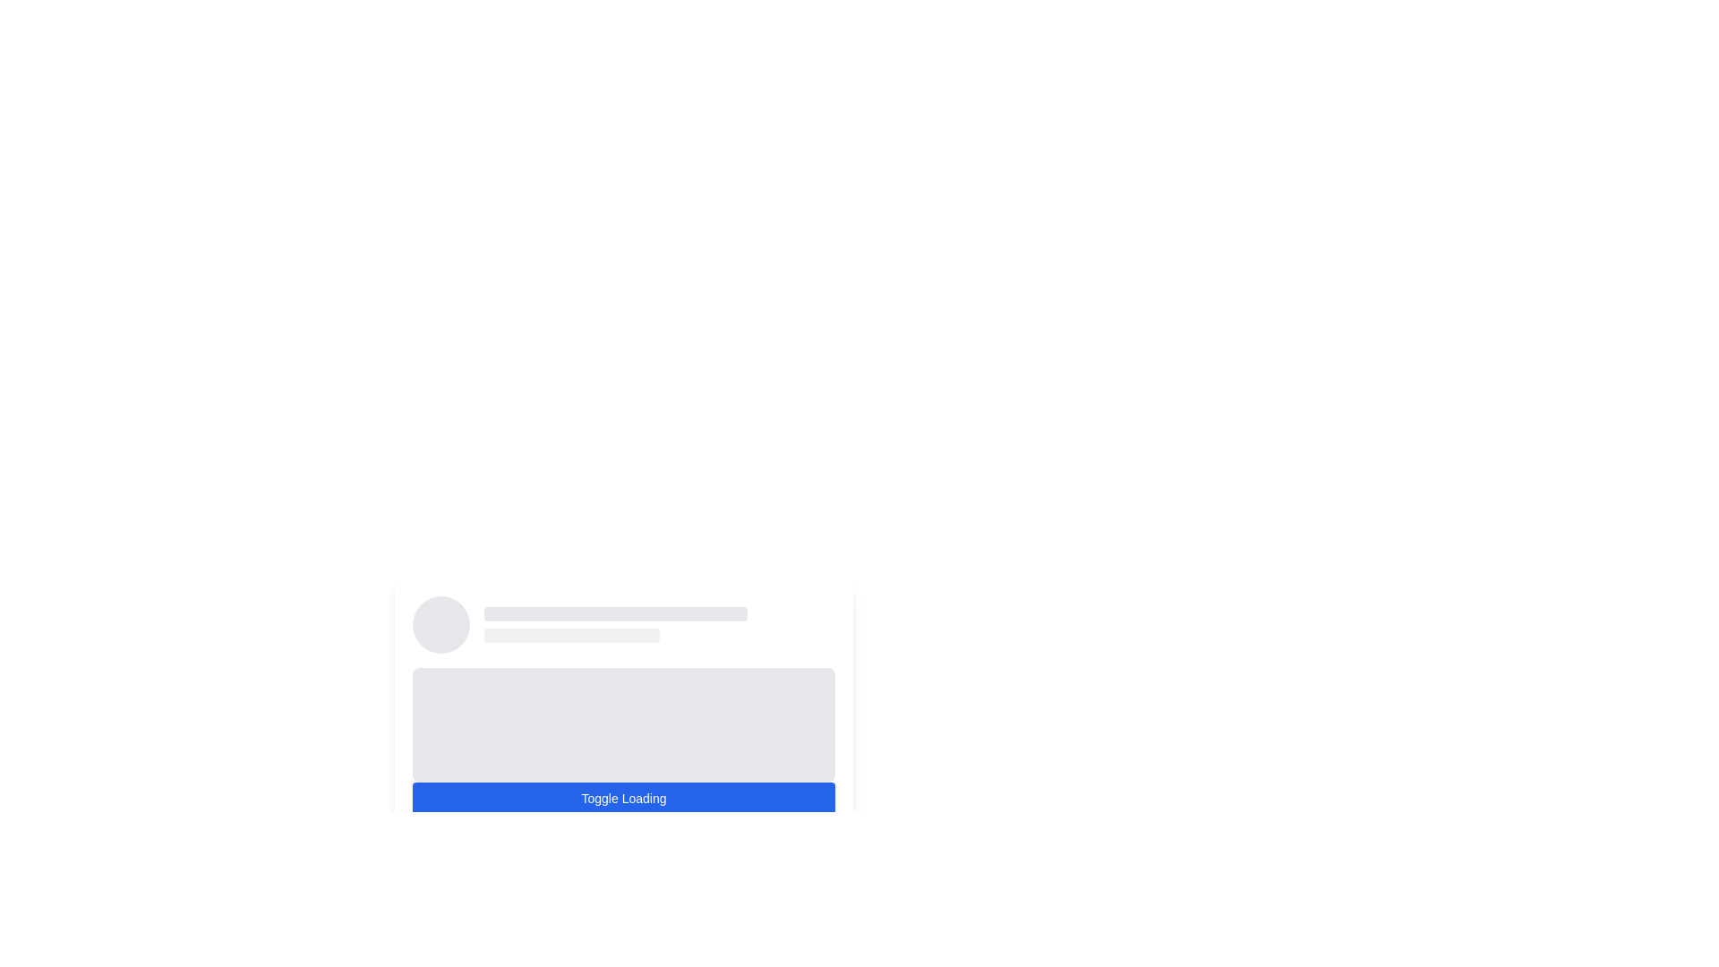 Image resolution: width=1719 pixels, height=967 pixels. Describe the element at coordinates (570, 634) in the screenshot. I see `the light grey horizontal rectangular Static bar element with rounded corners, positioned as the second of two bars in the upper-middle portion of the interface` at that location.